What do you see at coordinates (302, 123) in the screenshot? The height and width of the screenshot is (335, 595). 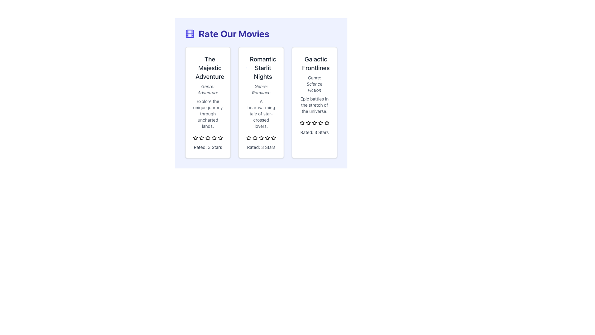 I see `the first star icon in the rating interface for the 'Galactic Frontlines' item to trigger a visual response` at bounding box center [302, 123].